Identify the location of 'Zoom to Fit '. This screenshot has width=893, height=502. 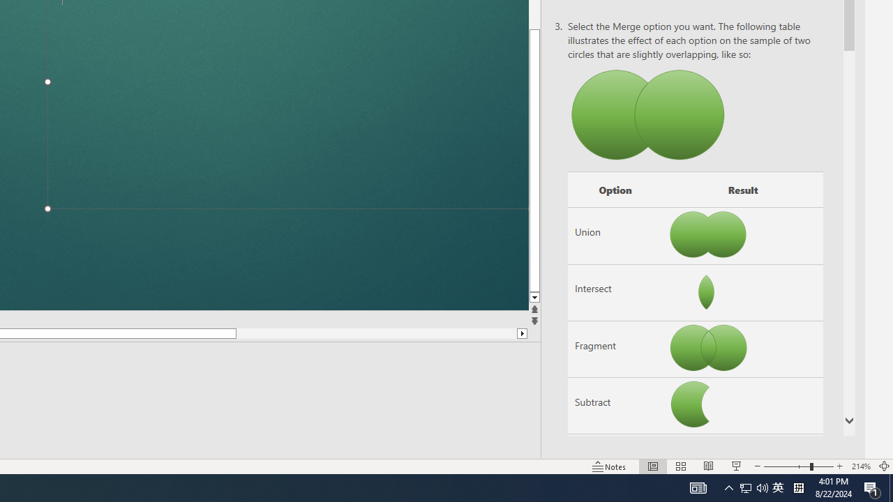
(883, 466).